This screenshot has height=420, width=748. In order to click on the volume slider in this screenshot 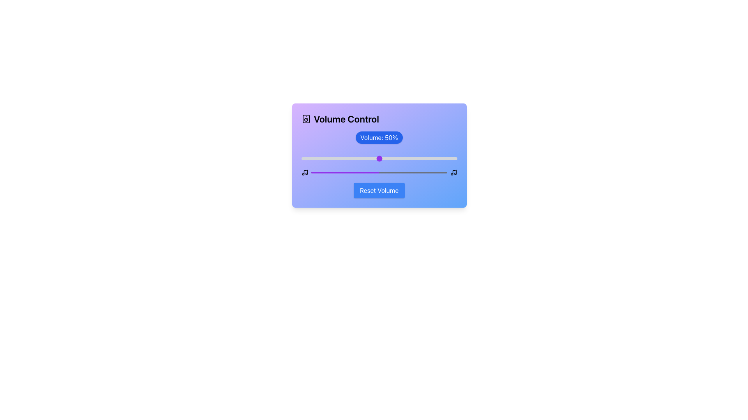, I will do `click(425, 158)`.